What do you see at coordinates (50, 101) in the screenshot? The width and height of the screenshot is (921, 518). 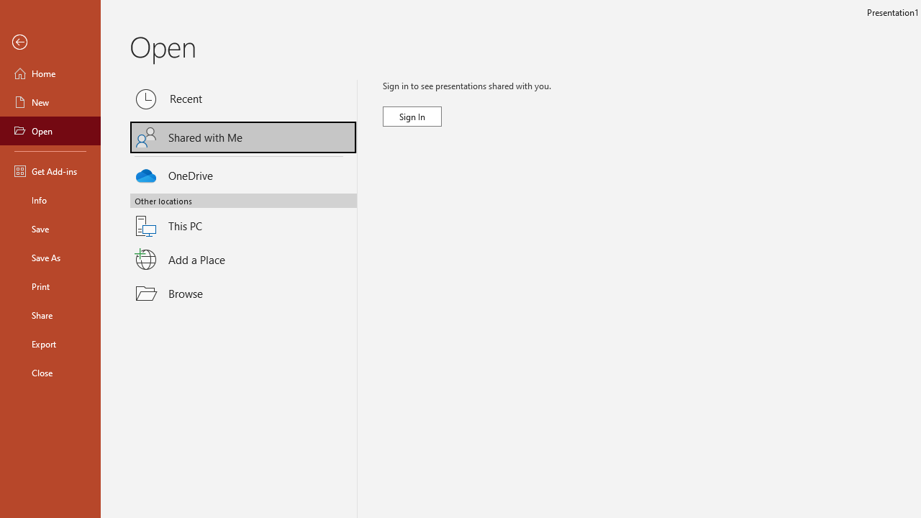 I see `'New'` at bounding box center [50, 101].